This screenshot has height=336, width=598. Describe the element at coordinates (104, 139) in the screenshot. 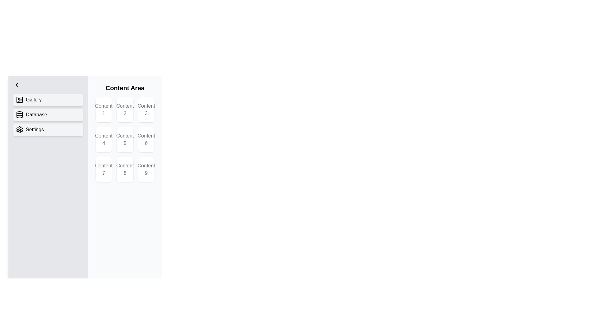

I see `the static label displaying 'Content 4' located in the center-left position of the grid under the 'Content Area' heading` at that location.